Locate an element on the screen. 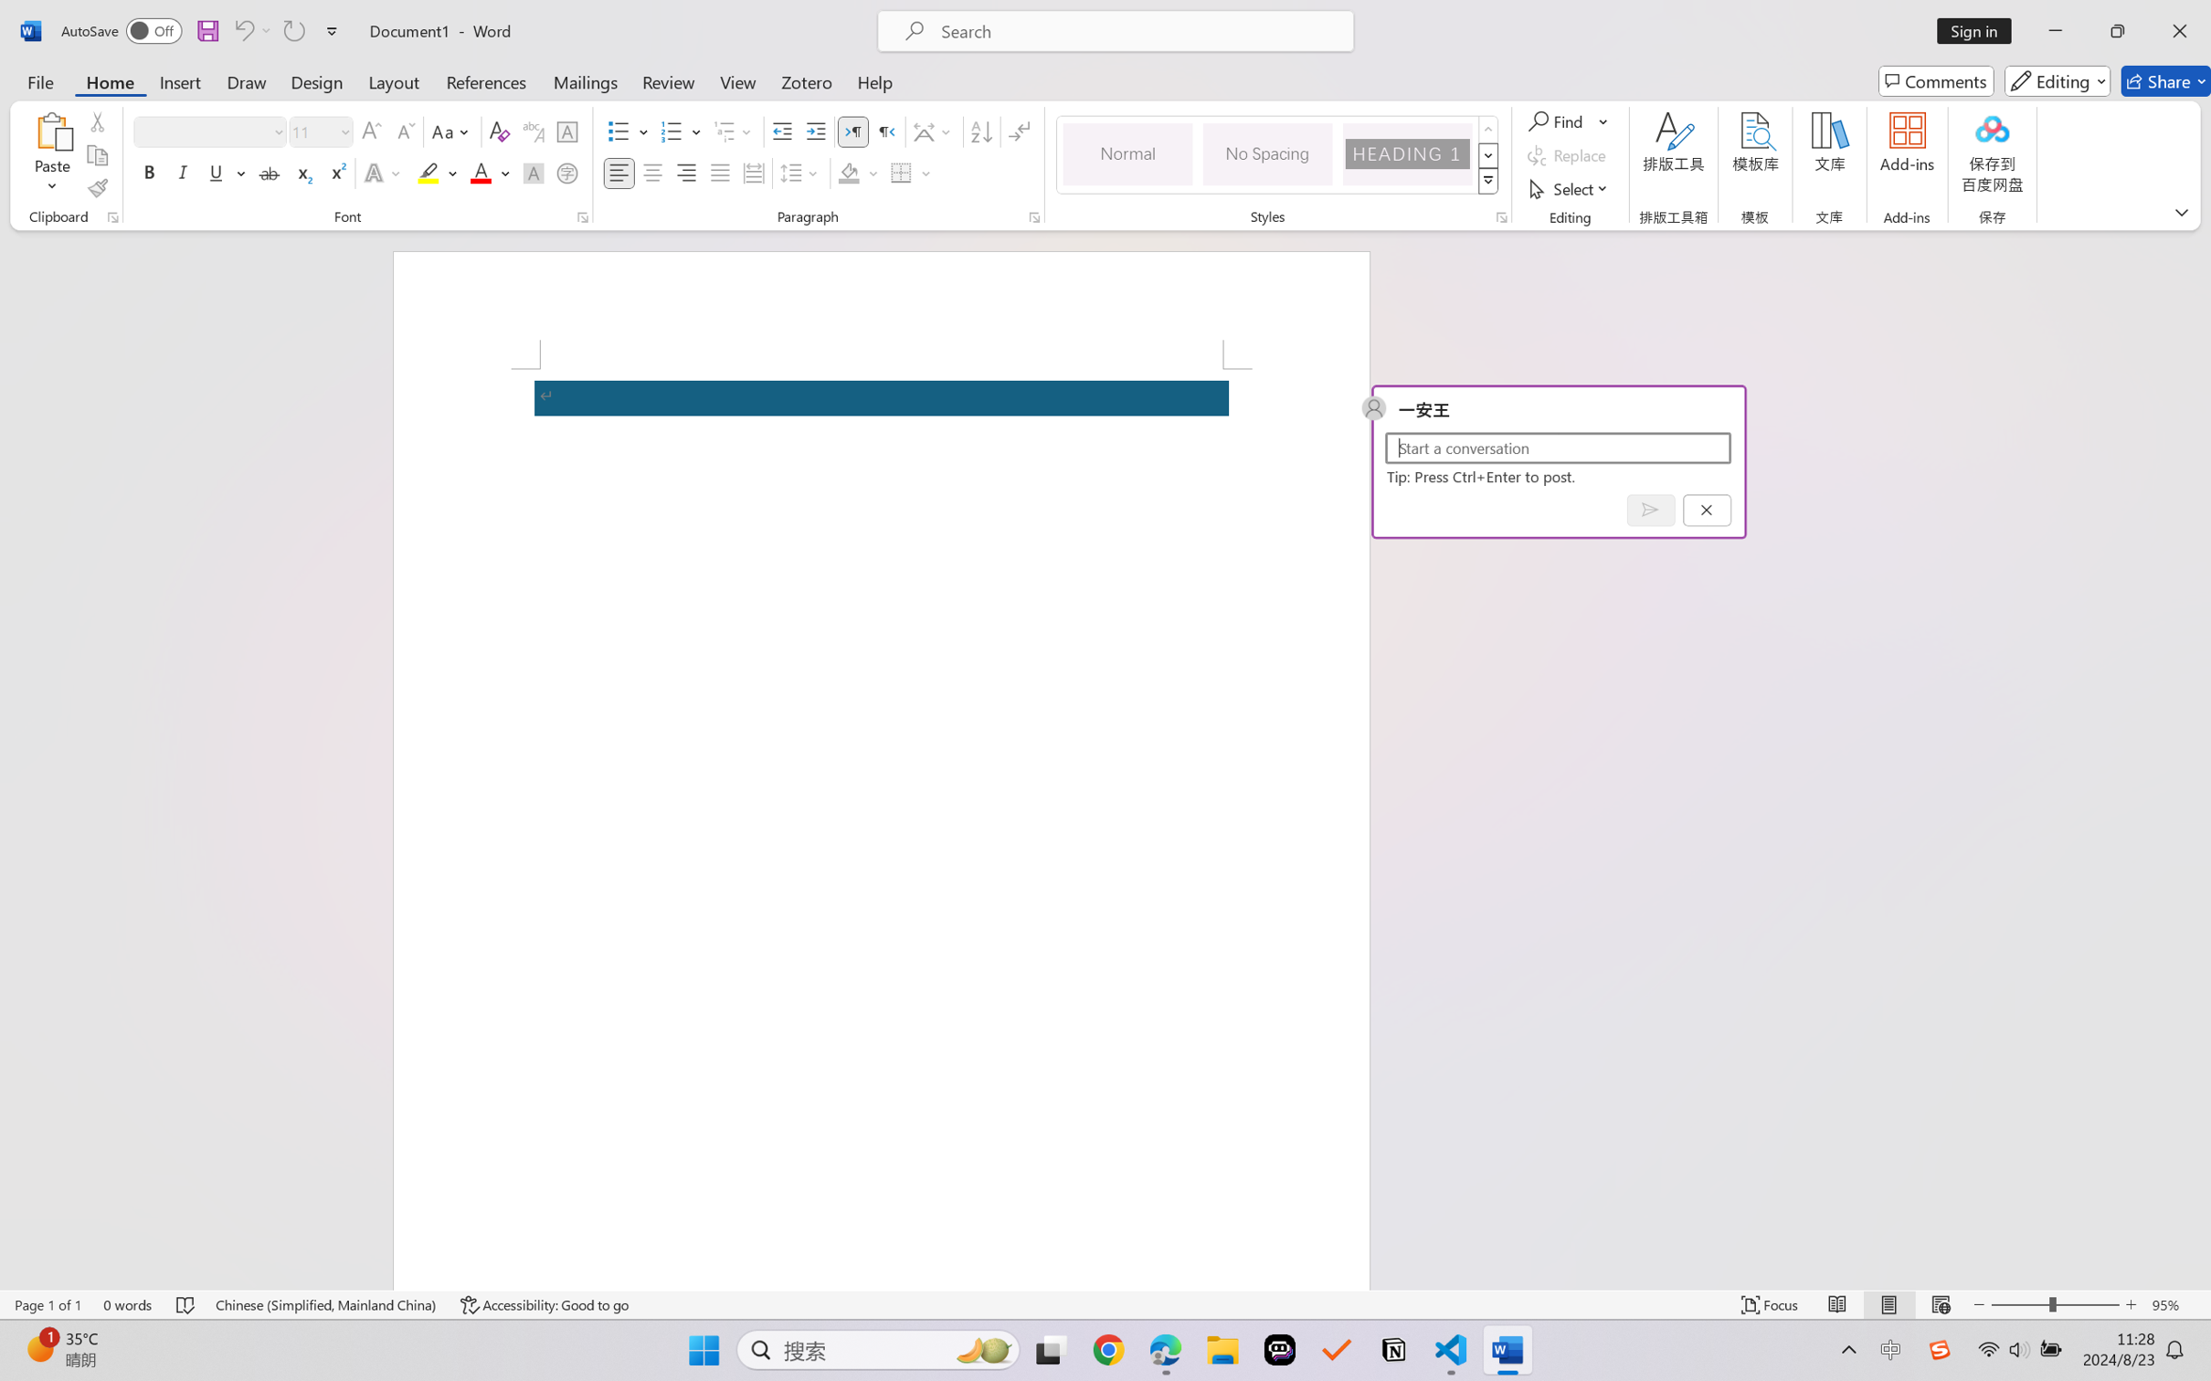  'Language Chinese (Simplified, Mainland China)' is located at coordinates (325, 1304).